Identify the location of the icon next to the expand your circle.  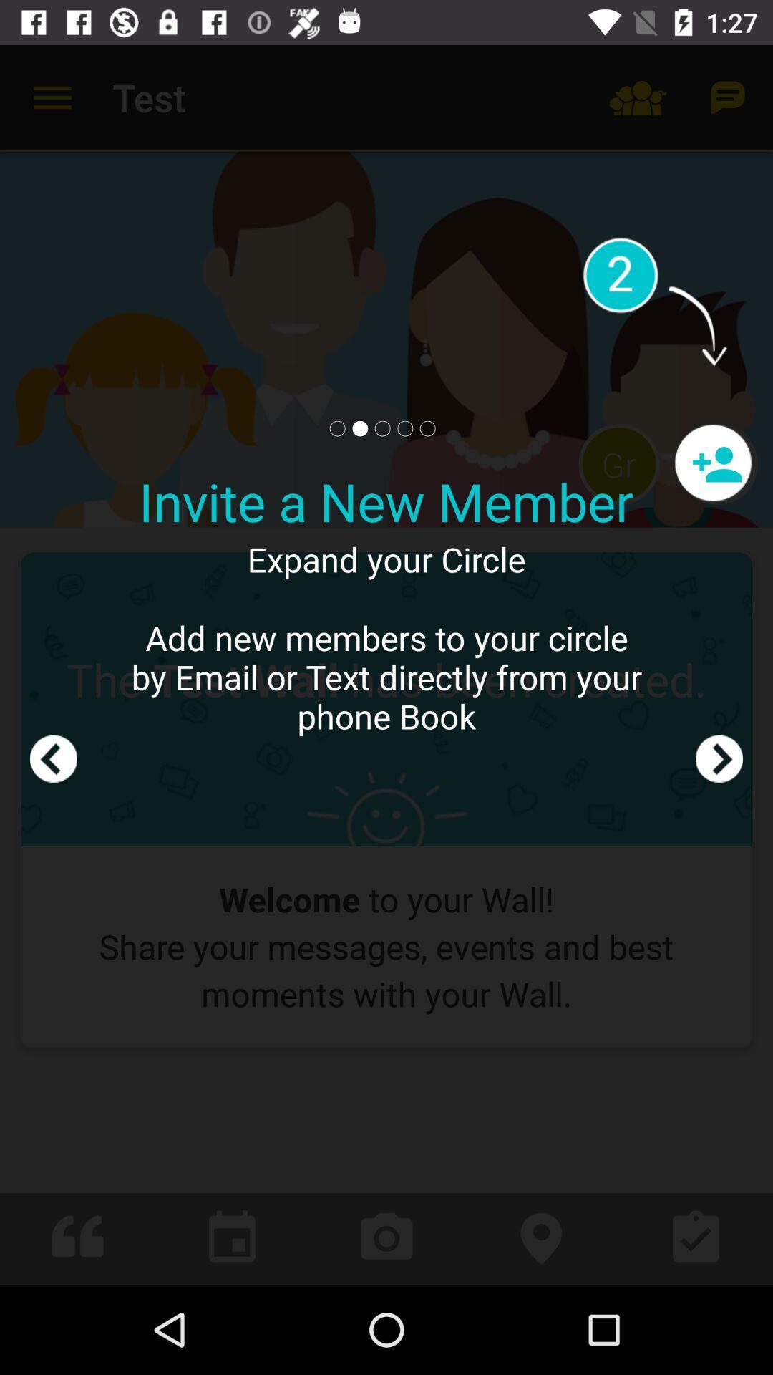
(719, 664).